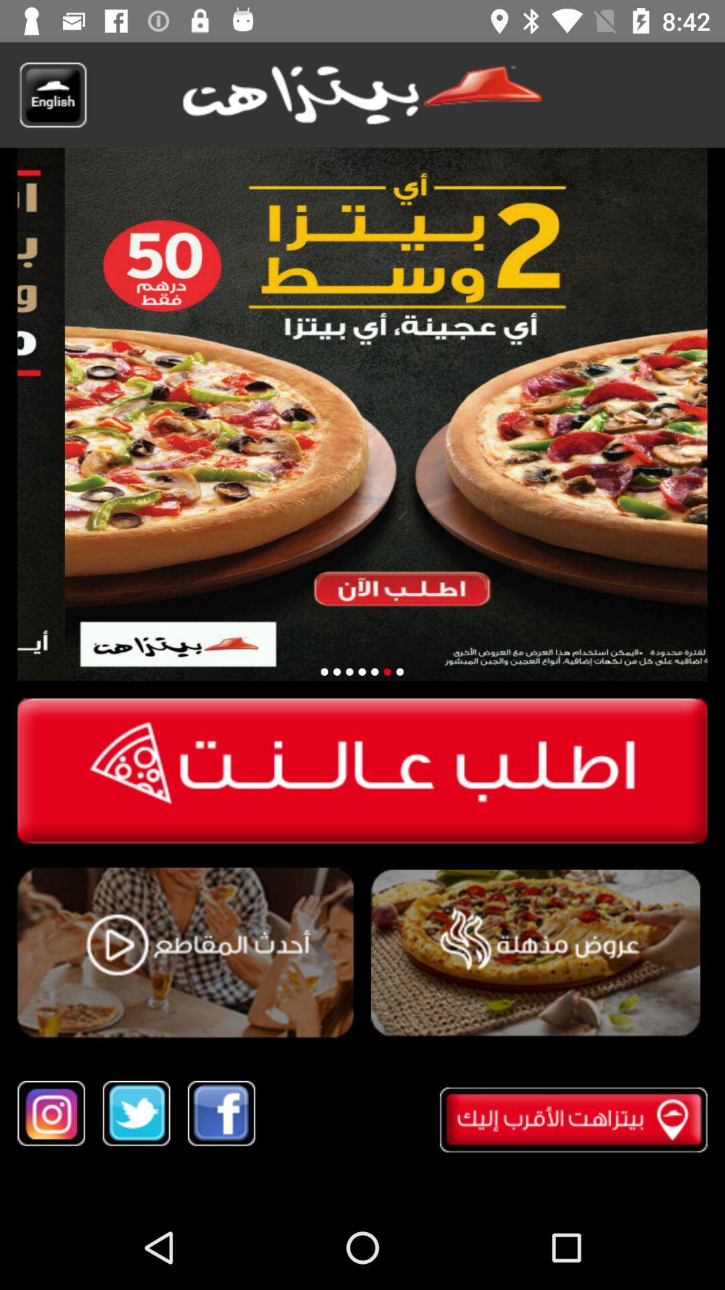 The image size is (725, 1290). I want to click on next image, so click(361, 672).